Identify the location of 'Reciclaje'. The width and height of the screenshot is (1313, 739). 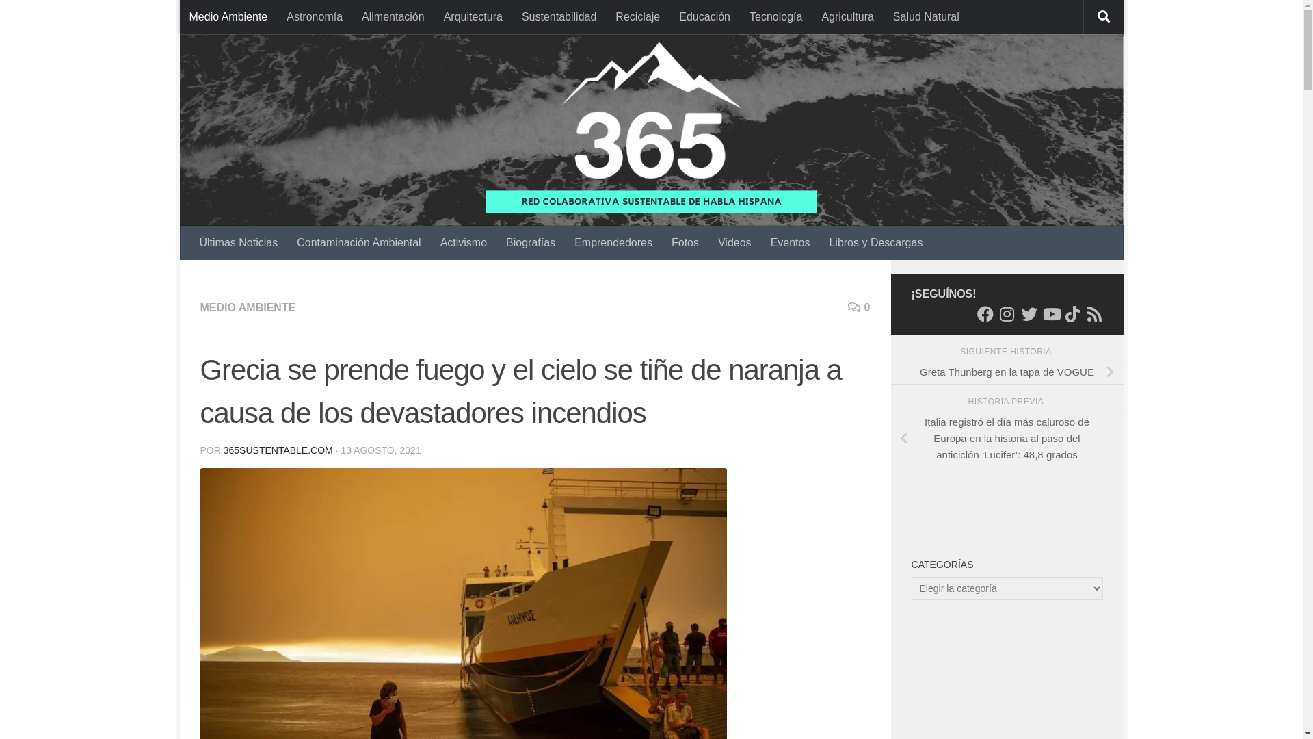
(637, 16).